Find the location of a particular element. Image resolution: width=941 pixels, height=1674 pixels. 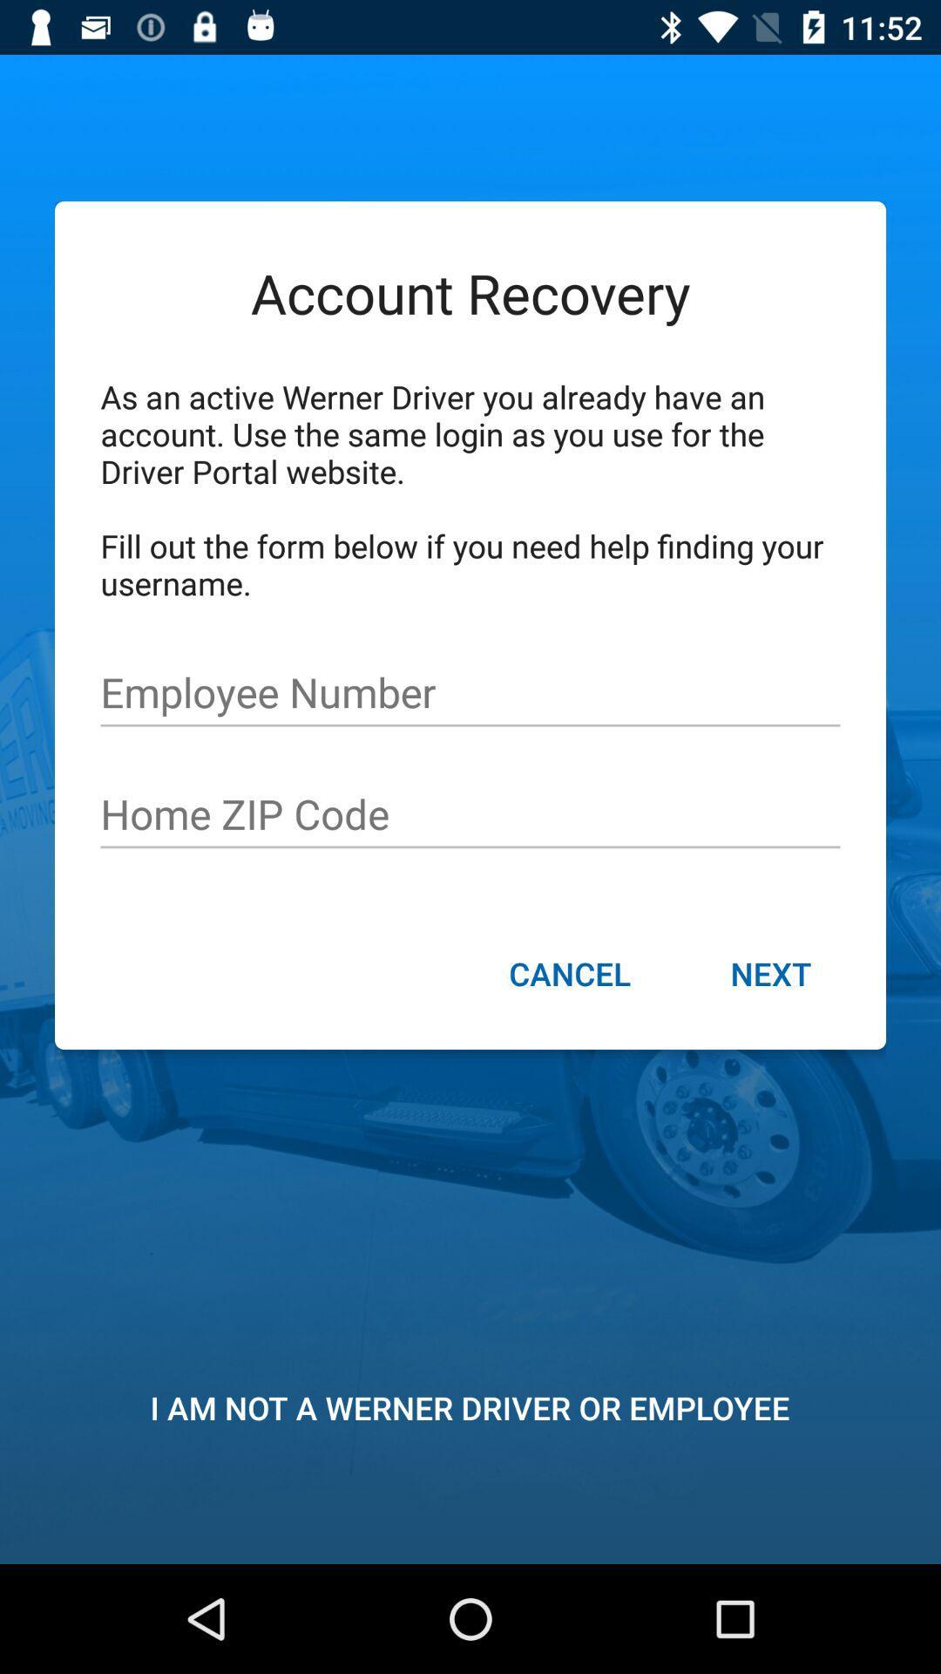

icon on the right is located at coordinates (769, 975).